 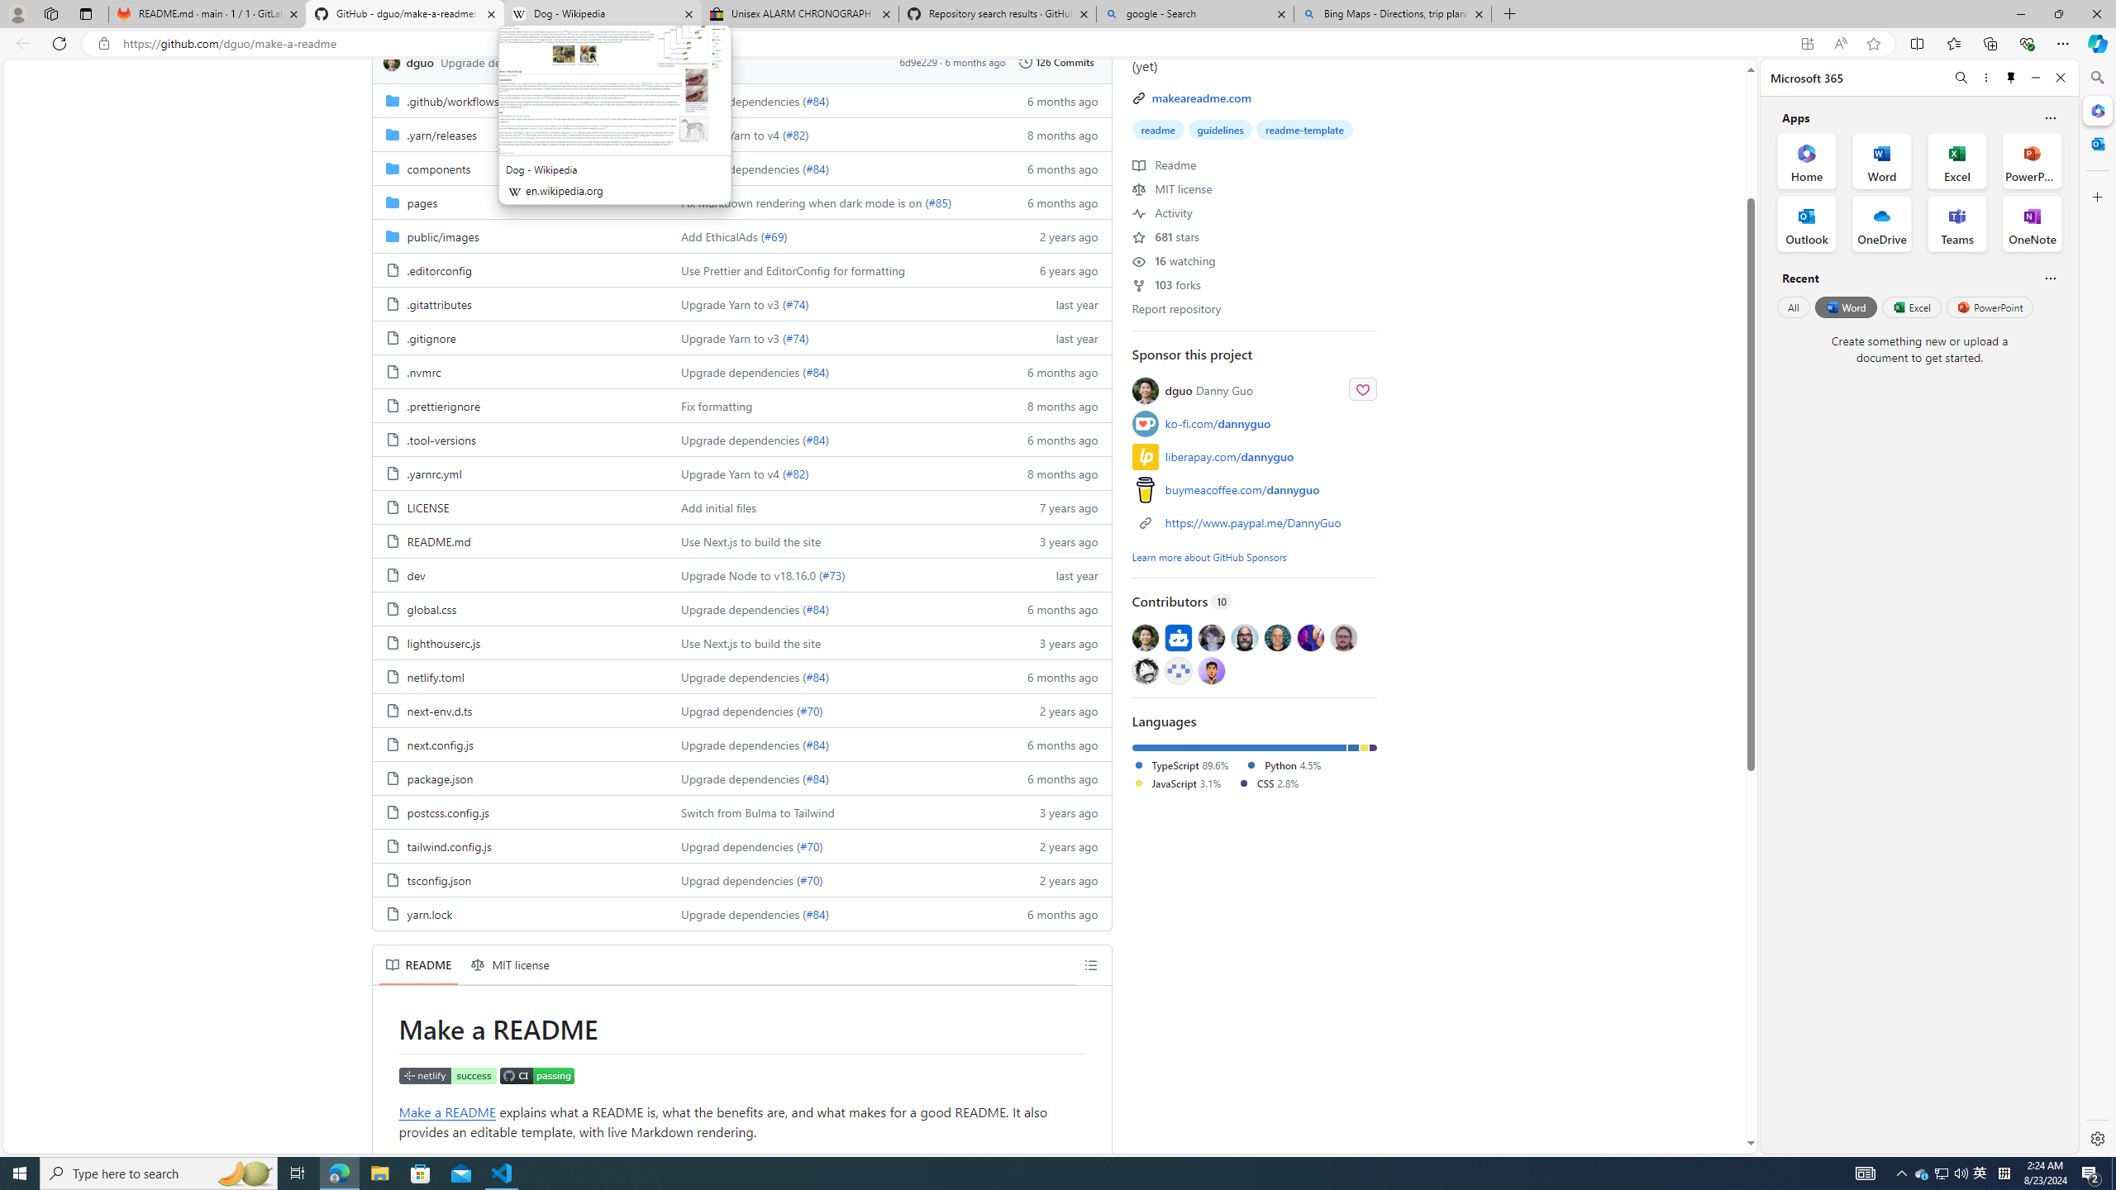 I want to click on 'Upgrade Yarn to v4 (#82)', so click(x=832, y=472).